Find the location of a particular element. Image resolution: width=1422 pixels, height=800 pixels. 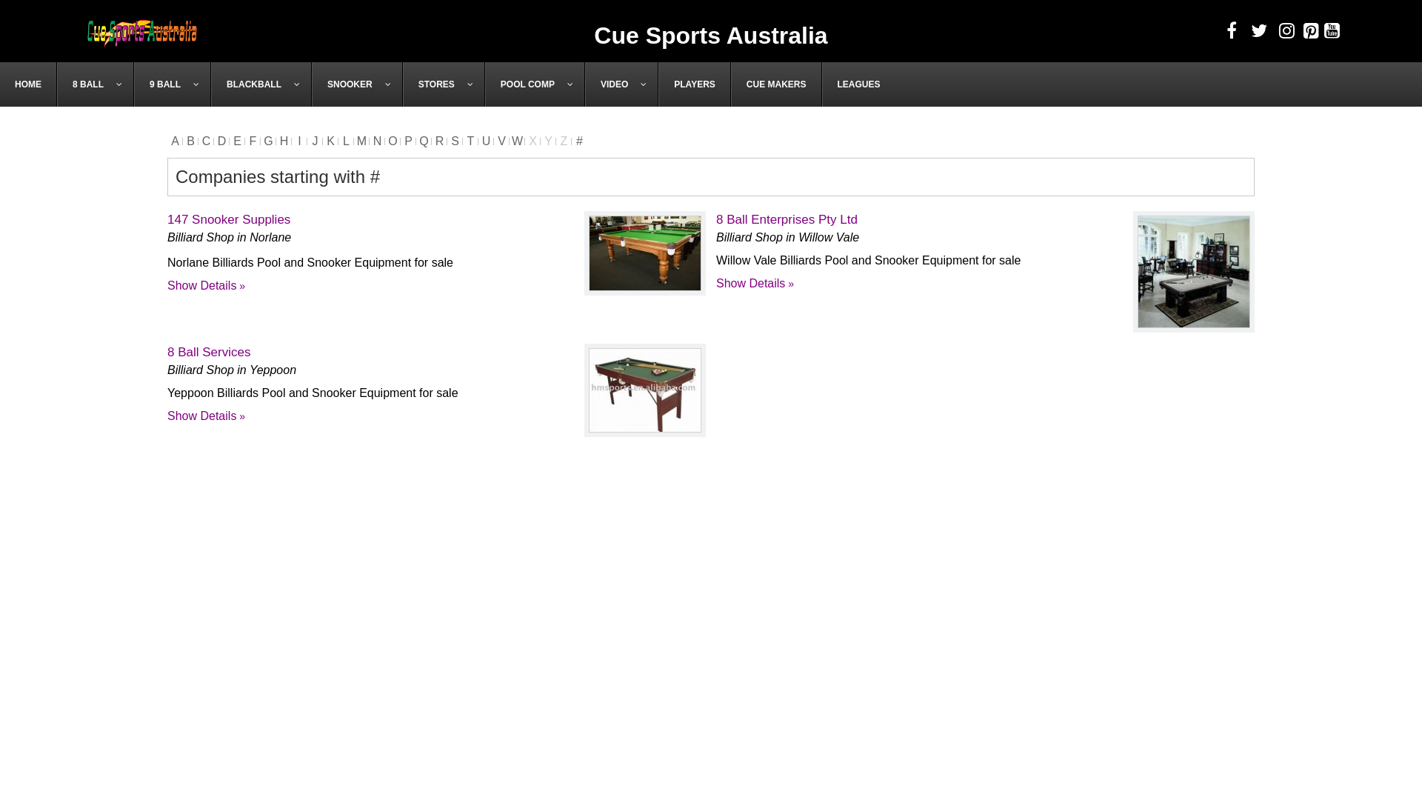

'L' is located at coordinates (345, 141).